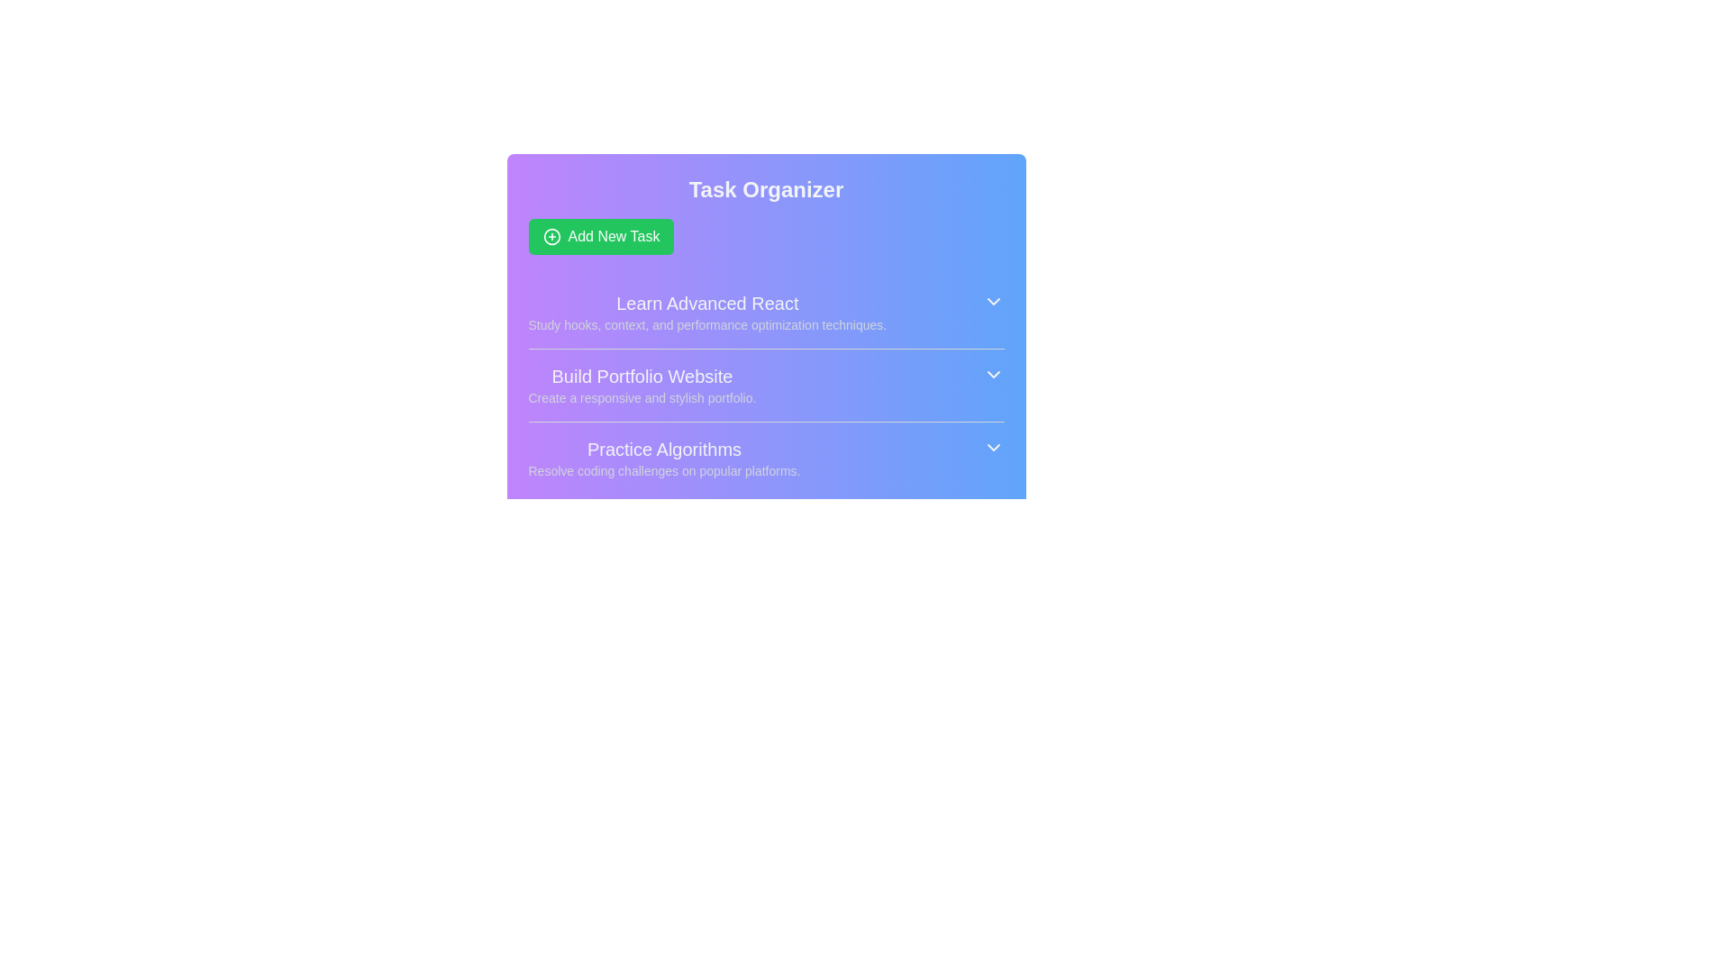 Image resolution: width=1730 pixels, height=973 pixels. What do you see at coordinates (642, 375) in the screenshot?
I see `text label titled 'Build Portfolio Website' located centrally in the task entry card, positioned between 'Learn Advanced React' and 'Practice Algorithms'` at bounding box center [642, 375].